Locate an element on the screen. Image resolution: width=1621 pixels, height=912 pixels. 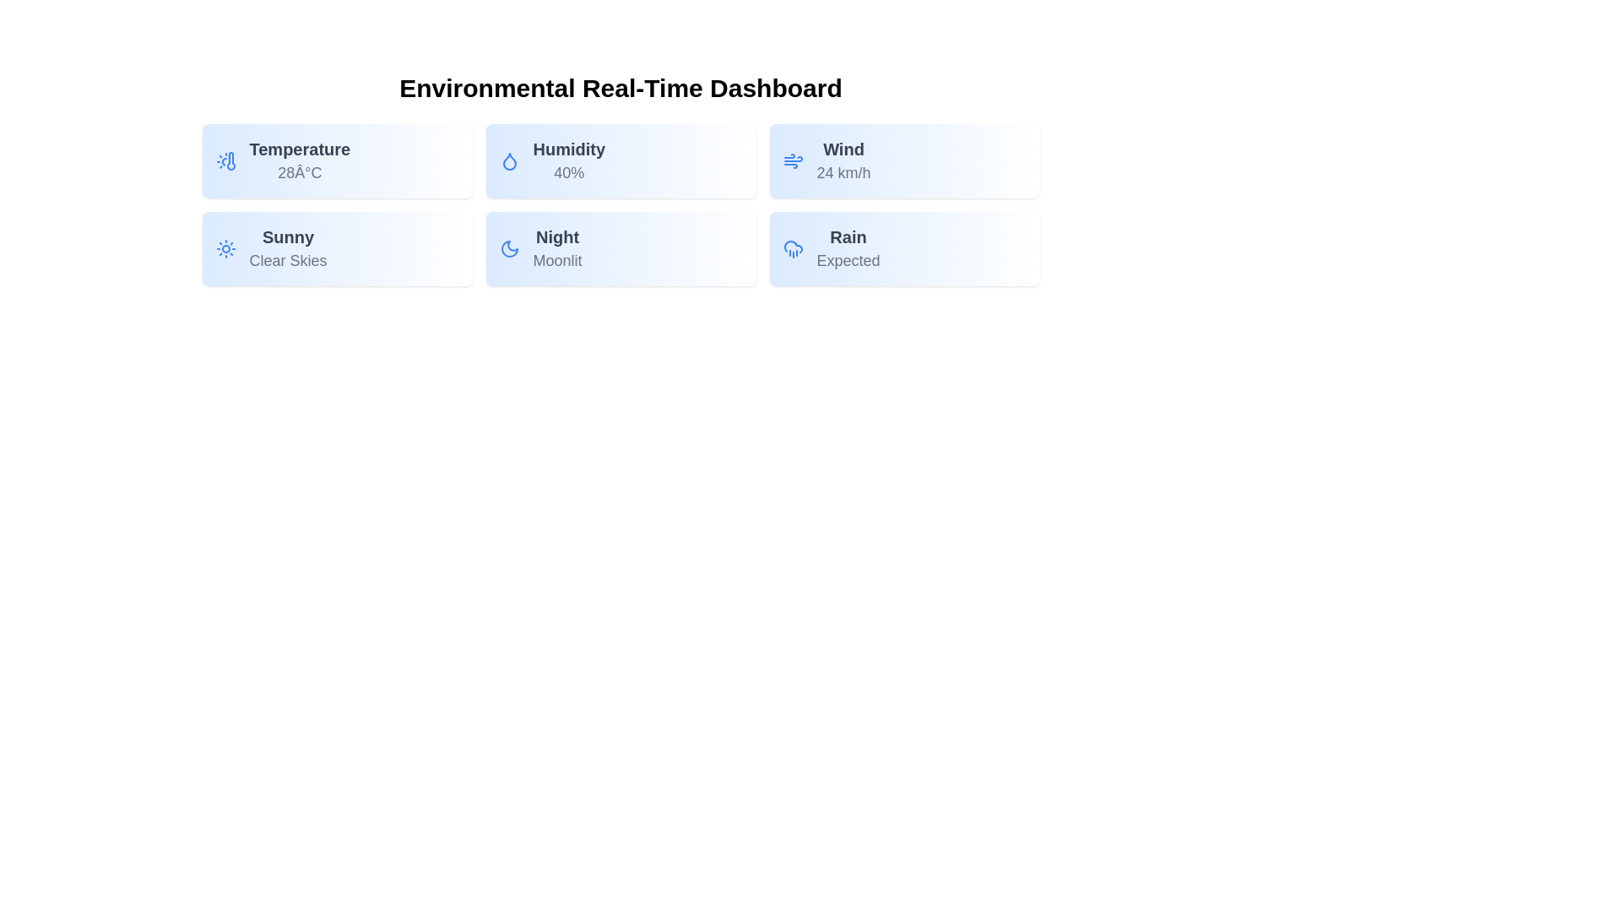
the graphical icon resembling a thermometer with sun rays, which is located above the 'Temperature' and '28Â°C' text in the leftmost card of the grid layout is located at coordinates (225, 161).